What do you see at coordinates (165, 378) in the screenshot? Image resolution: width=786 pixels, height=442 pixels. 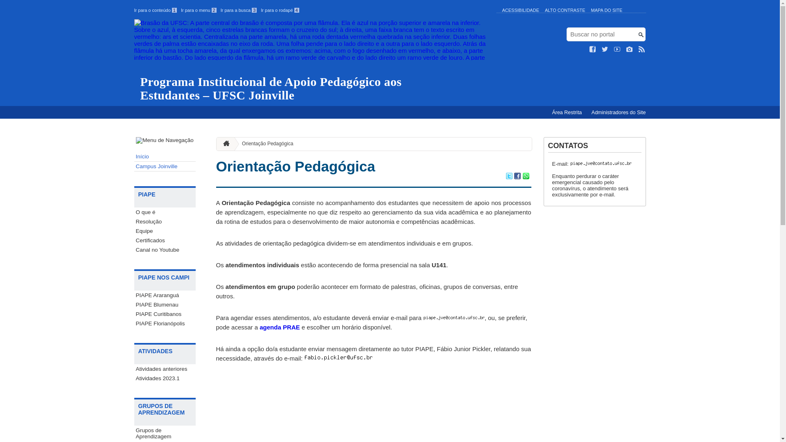 I see `'Atividades 2023.1'` at bounding box center [165, 378].